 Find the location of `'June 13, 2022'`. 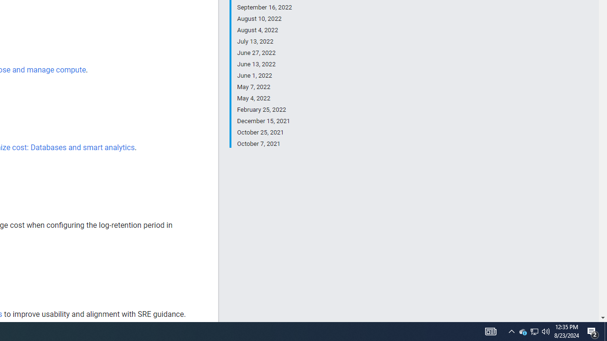

'June 13, 2022' is located at coordinates (264, 64).